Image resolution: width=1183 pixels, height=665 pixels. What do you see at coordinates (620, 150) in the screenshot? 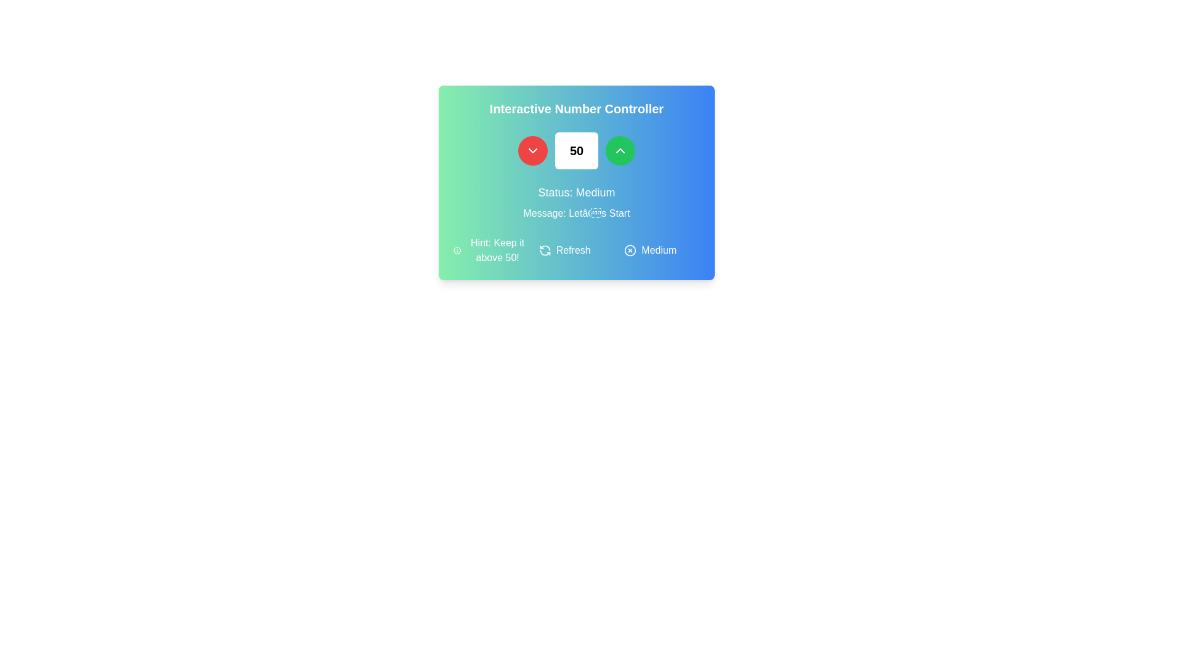
I see `the green circular button with a white upward-facing chevron icon` at bounding box center [620, 150].